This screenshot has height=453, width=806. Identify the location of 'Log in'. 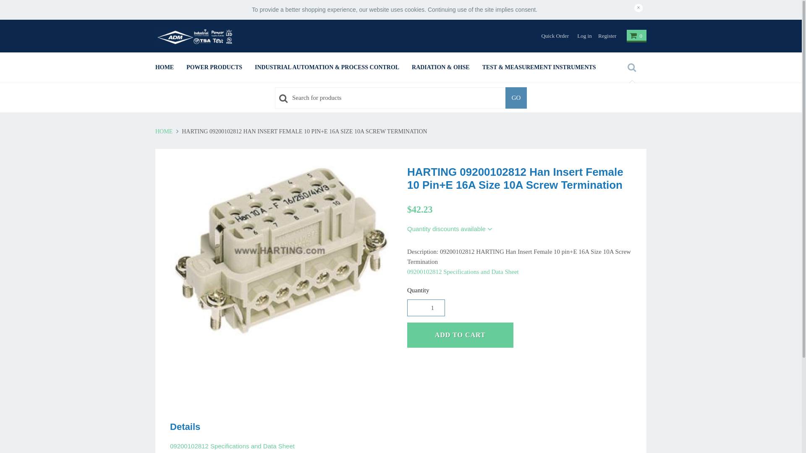
(581, 35).